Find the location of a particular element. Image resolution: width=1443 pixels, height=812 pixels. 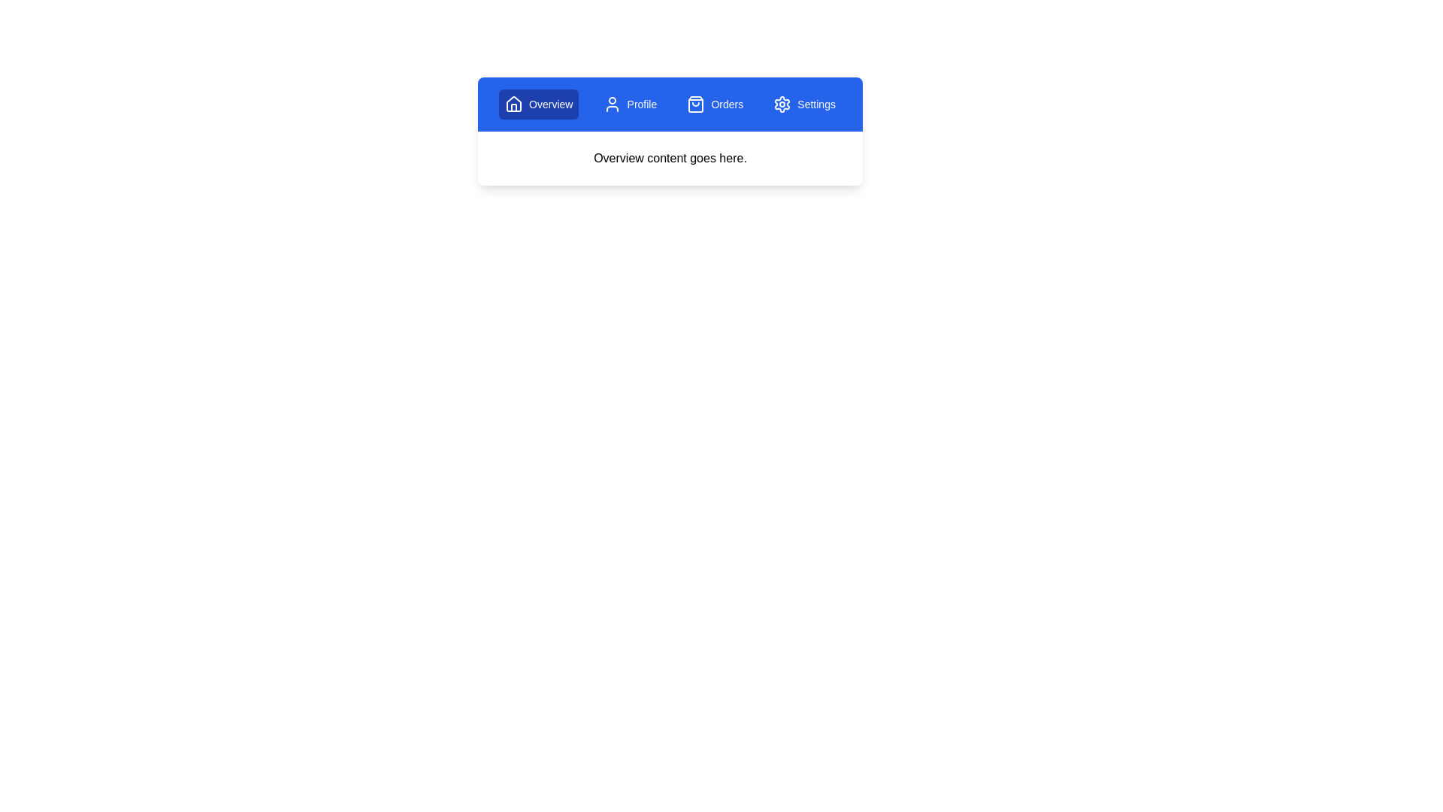

the user profile icon, which is the first icon to the left of the 'Profile' text label is located at coordinates (612, 103).